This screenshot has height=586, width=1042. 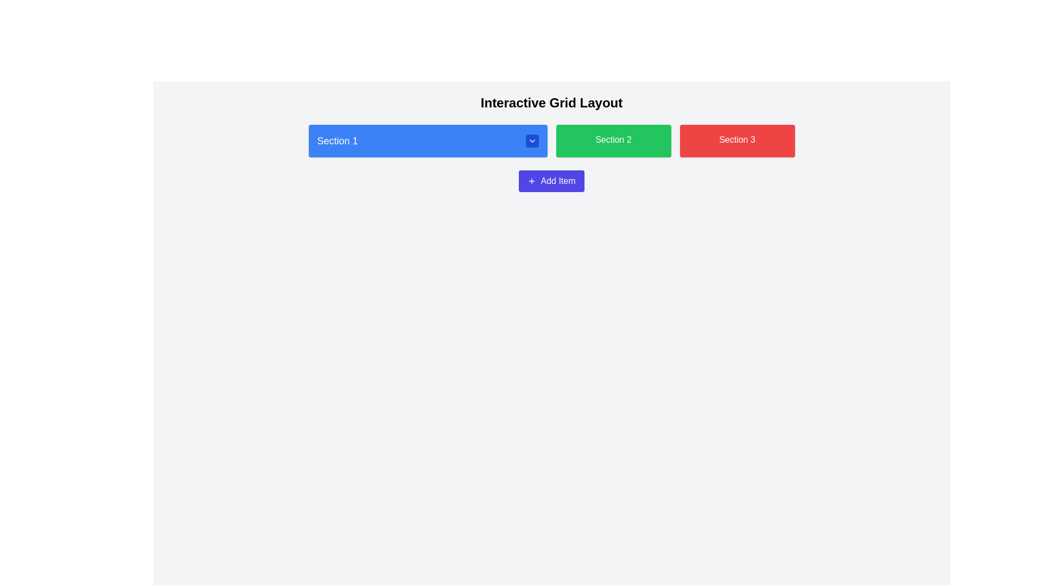 What do you see at coordinates (427, 140) in the screenshot?
I see `the blue rectangular Dropdown Menu Trigger labeled 'Section 1'` at bounding box center [427, 140].